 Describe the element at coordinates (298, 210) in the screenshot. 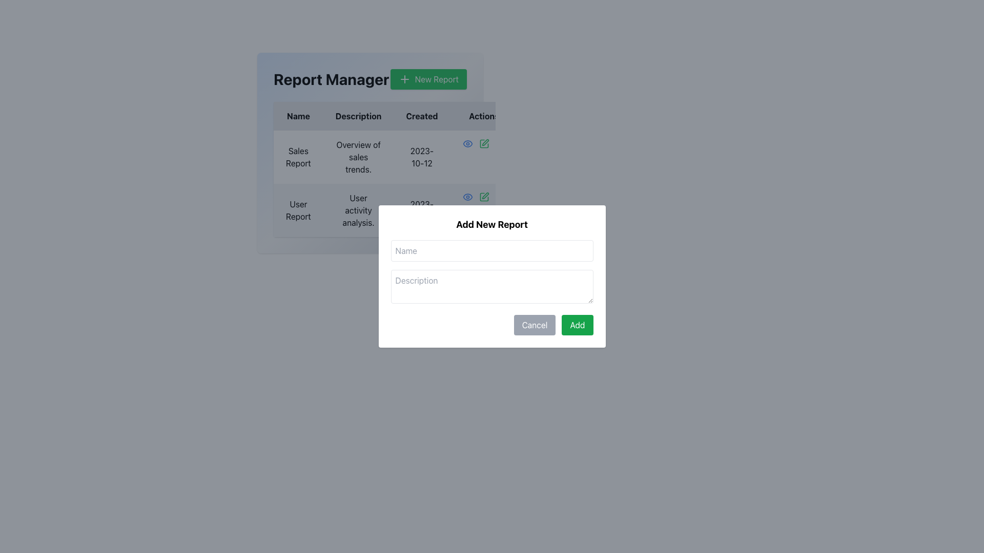

I see `the static text element labeled 'User Report' located in the leftmost column of the table row` at that location.